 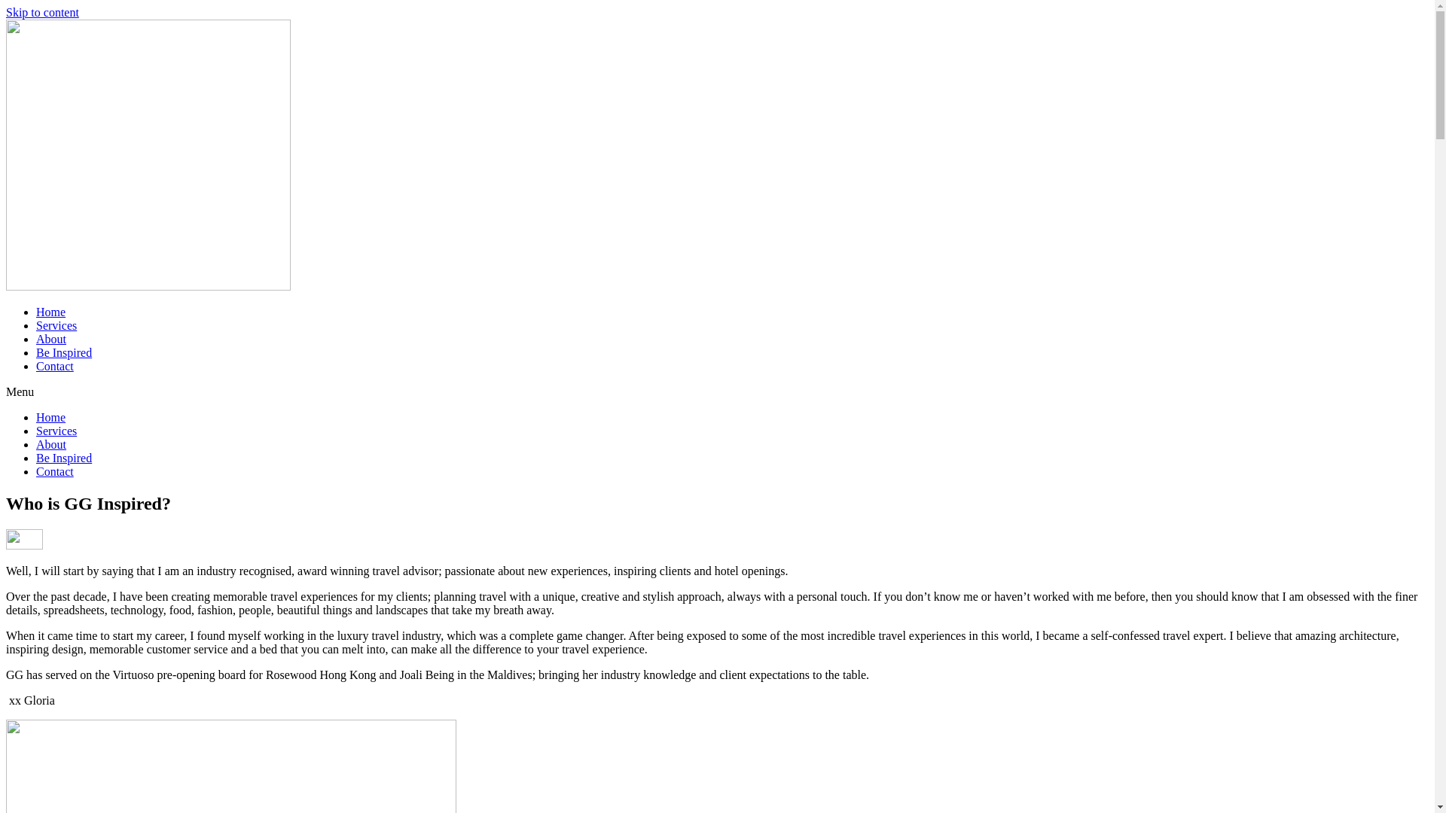 I want to click on 'Contact', so click(x=36, y=366).